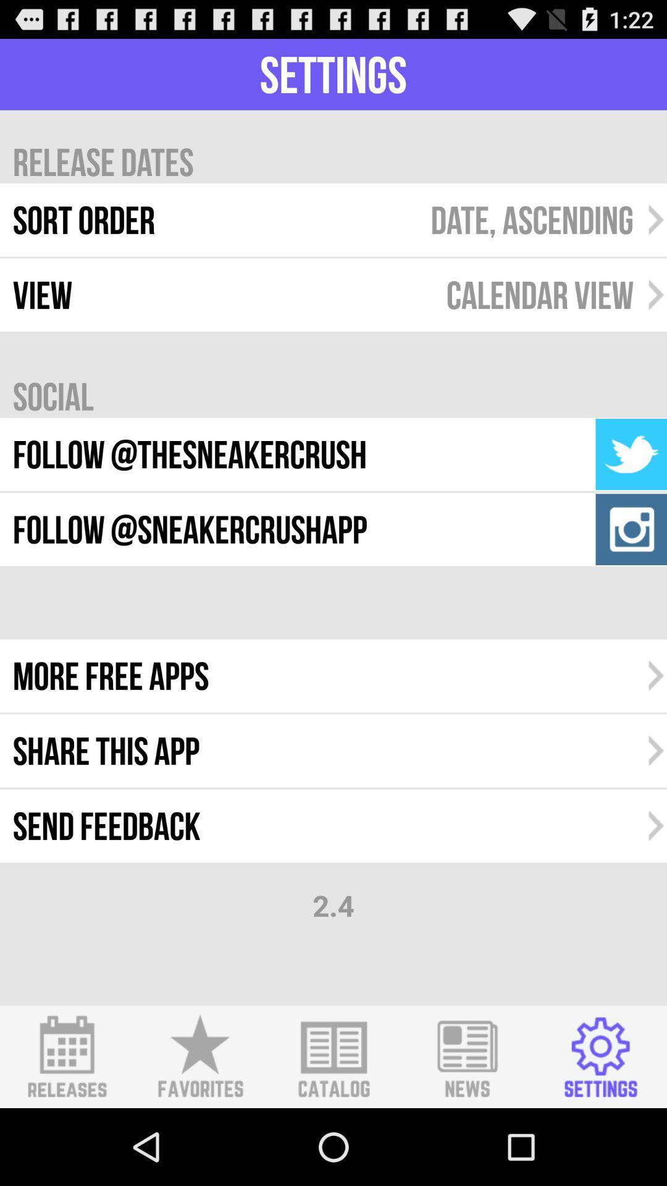 The width and height of the screenshot is (667, 1186). I want to click on releases option, so click(67, 1056).